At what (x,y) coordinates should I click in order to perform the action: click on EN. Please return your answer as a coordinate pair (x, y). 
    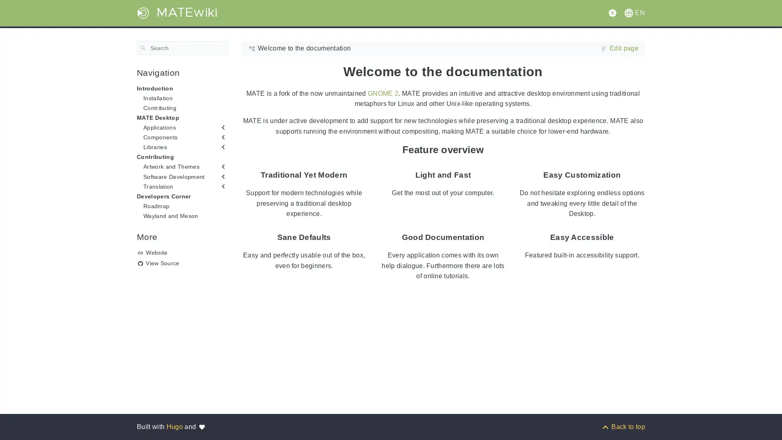
    Looking at the image, I should click on (633, 13).